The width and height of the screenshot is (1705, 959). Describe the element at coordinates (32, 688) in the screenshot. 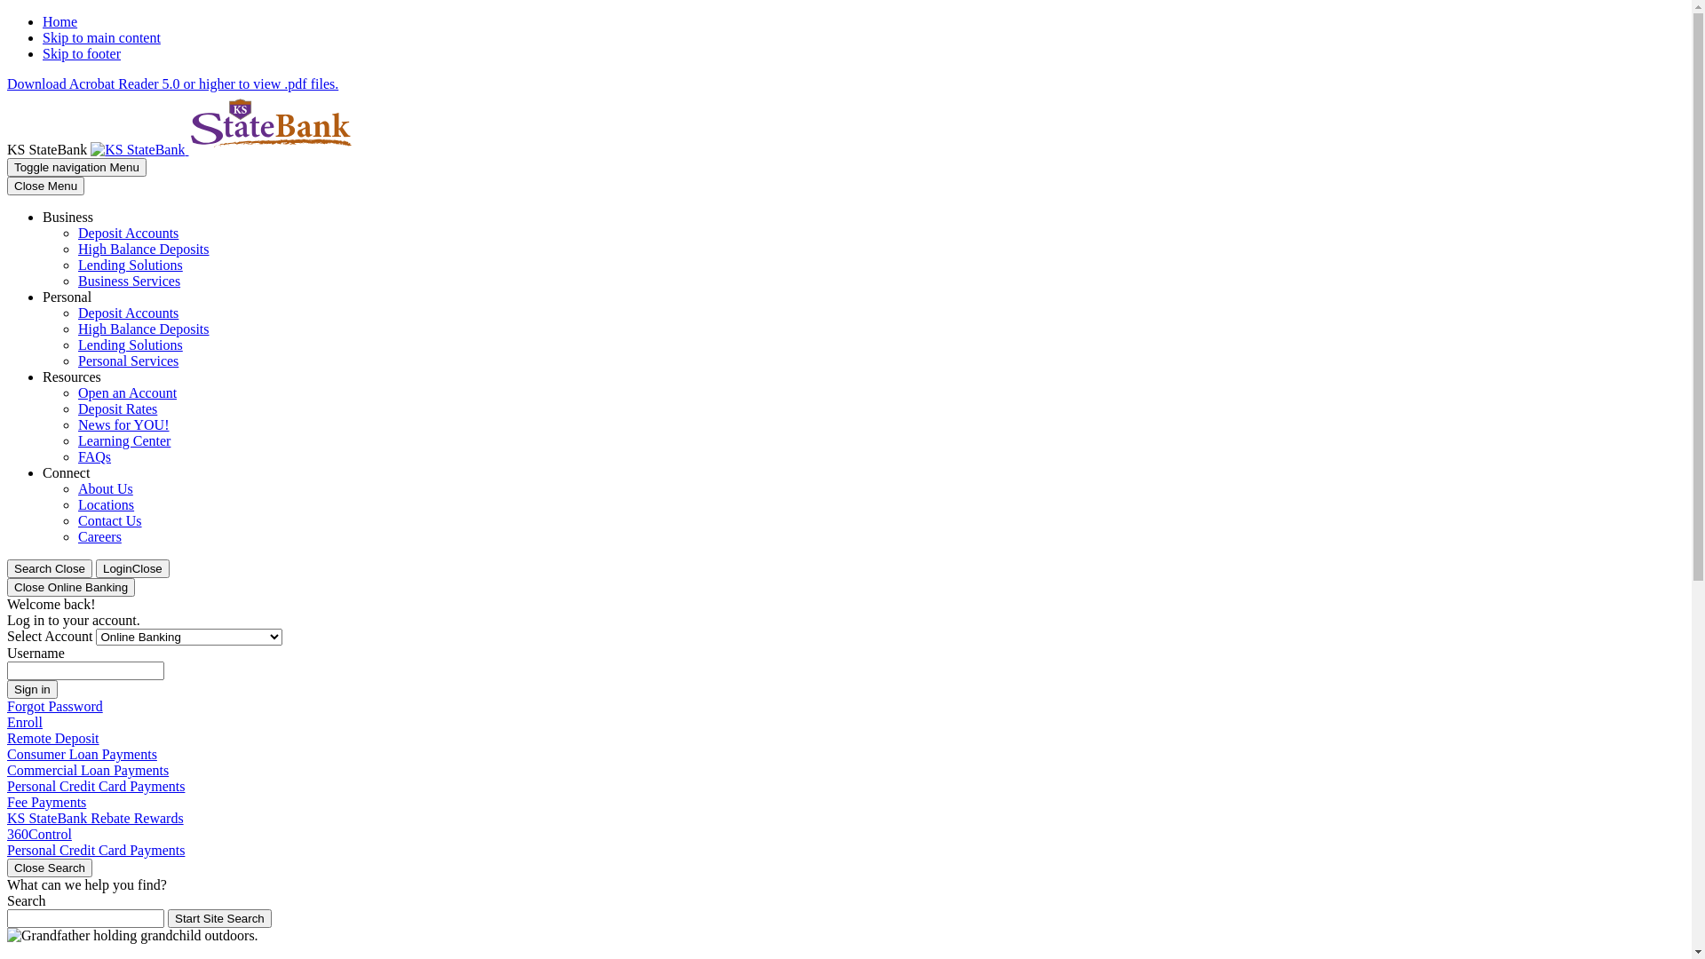

I see `'Sign in'` at that location.